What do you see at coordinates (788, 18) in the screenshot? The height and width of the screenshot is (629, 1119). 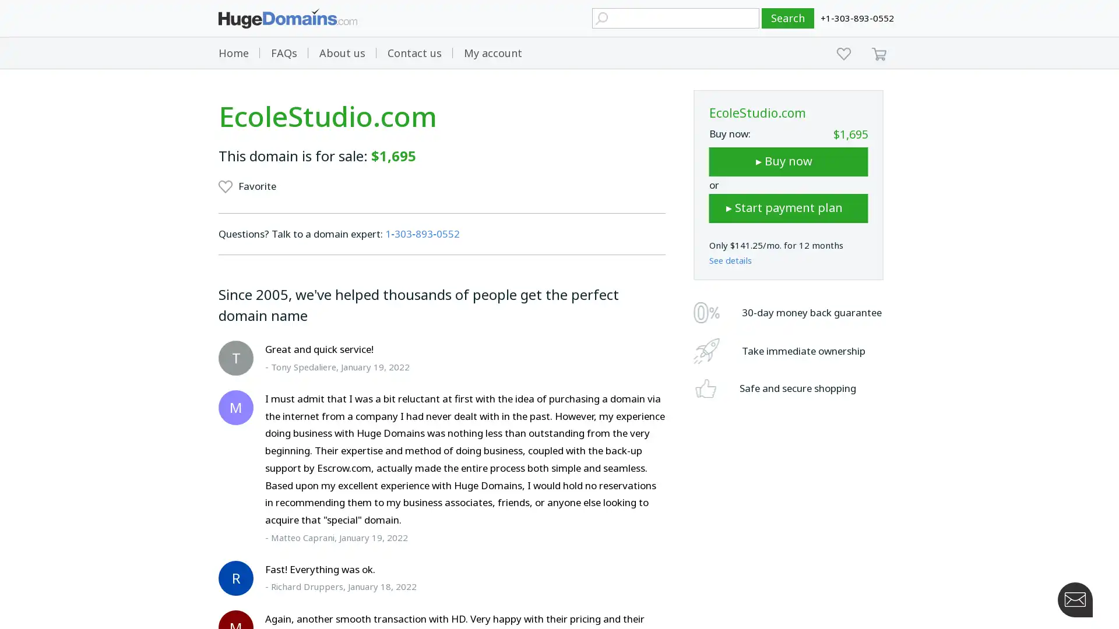 I see `Search` at bounding box center [788, 18].